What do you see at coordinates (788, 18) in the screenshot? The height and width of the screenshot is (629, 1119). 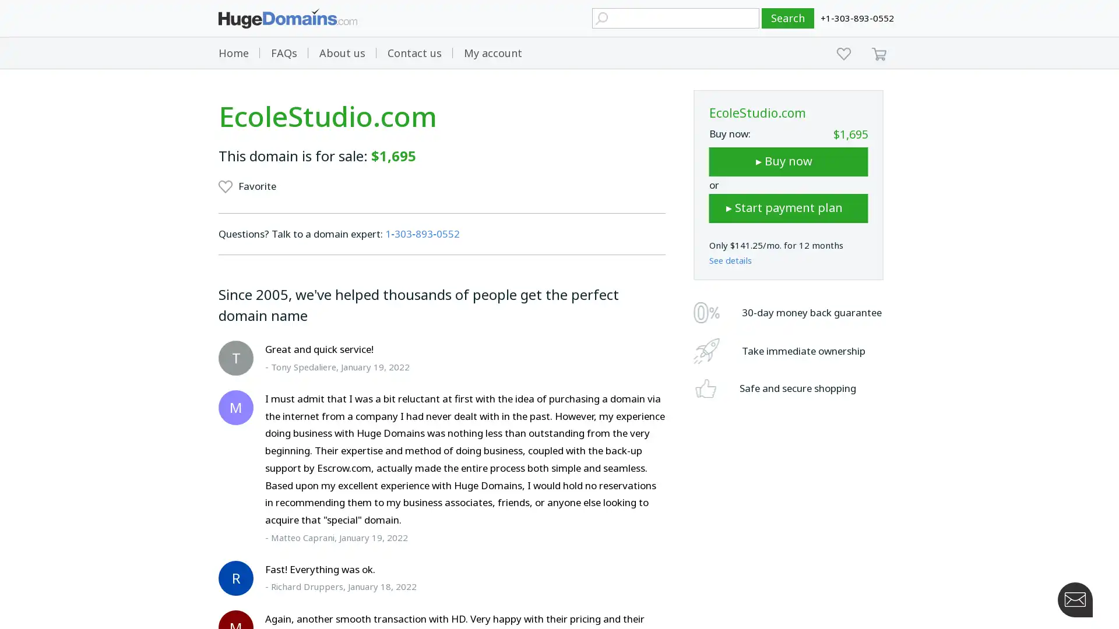 I see `Search` at bounding box center [788, 18].